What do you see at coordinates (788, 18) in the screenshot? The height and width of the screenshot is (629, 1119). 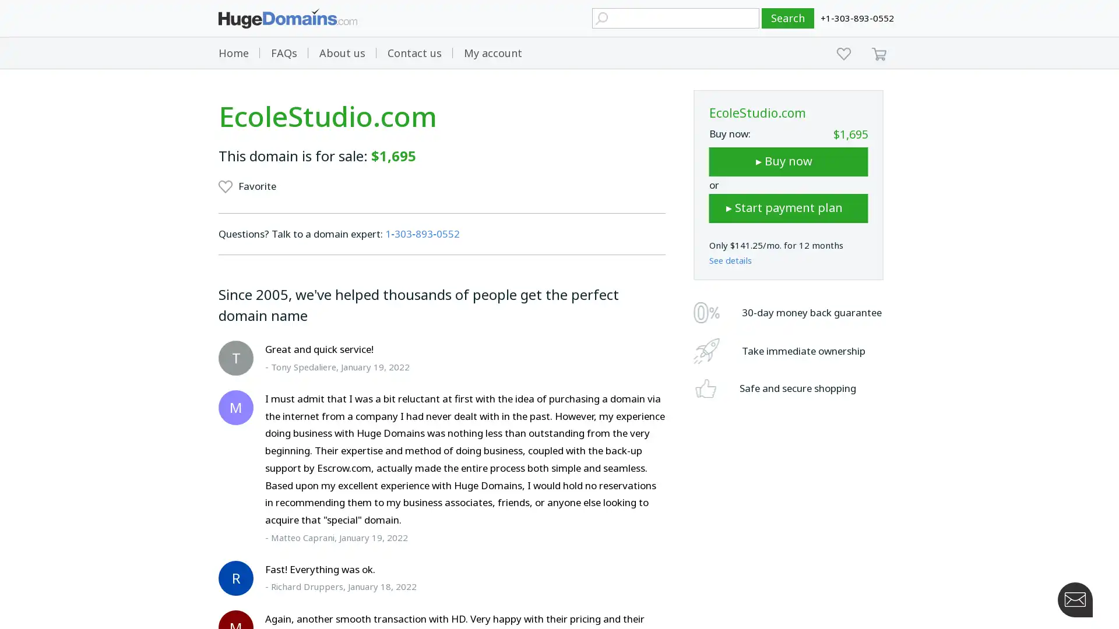 I see `Search` at bounding box center [788, 18].